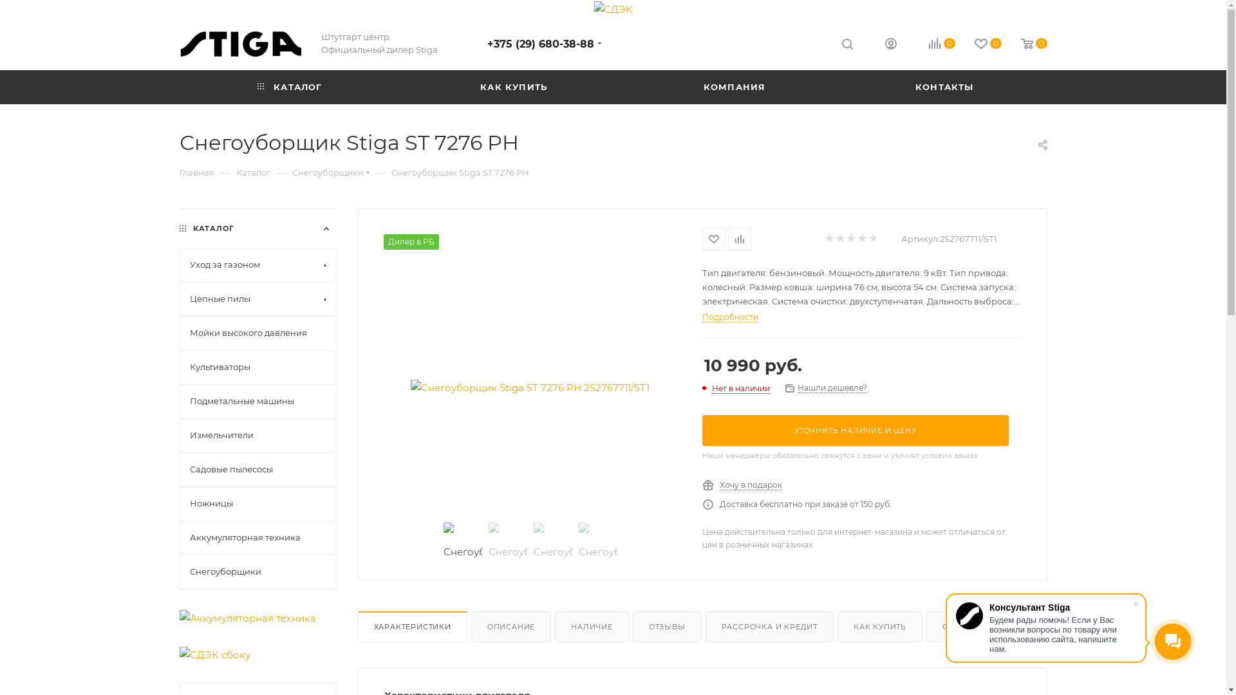 This screenshot has width=1236, height=695. Describe the element at coordinates (540, 43) in the screenshot. I see `'+375 (29) 680-38-88'` at that location.